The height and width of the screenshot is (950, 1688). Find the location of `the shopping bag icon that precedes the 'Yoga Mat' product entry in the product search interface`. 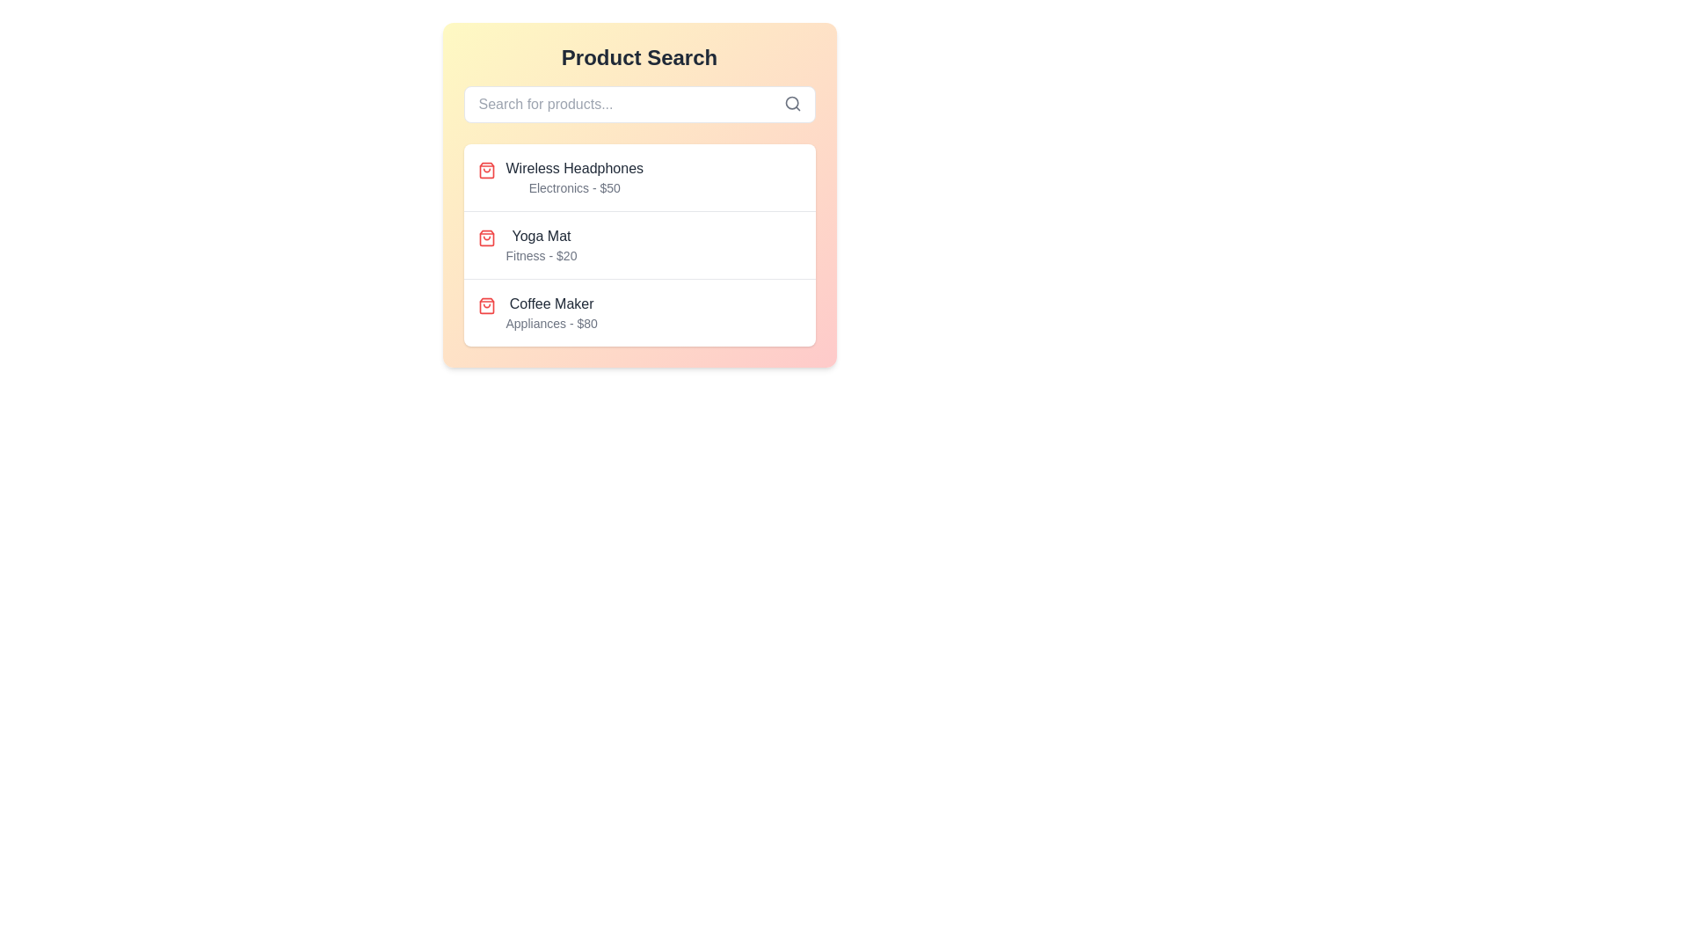

the shopping bag icon that precedes the 'Yoga Mat' product entry in the product search interface is located at coordinates (486, 237).